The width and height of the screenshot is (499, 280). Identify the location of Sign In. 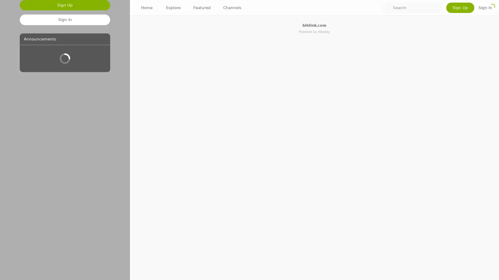
(64, 69).